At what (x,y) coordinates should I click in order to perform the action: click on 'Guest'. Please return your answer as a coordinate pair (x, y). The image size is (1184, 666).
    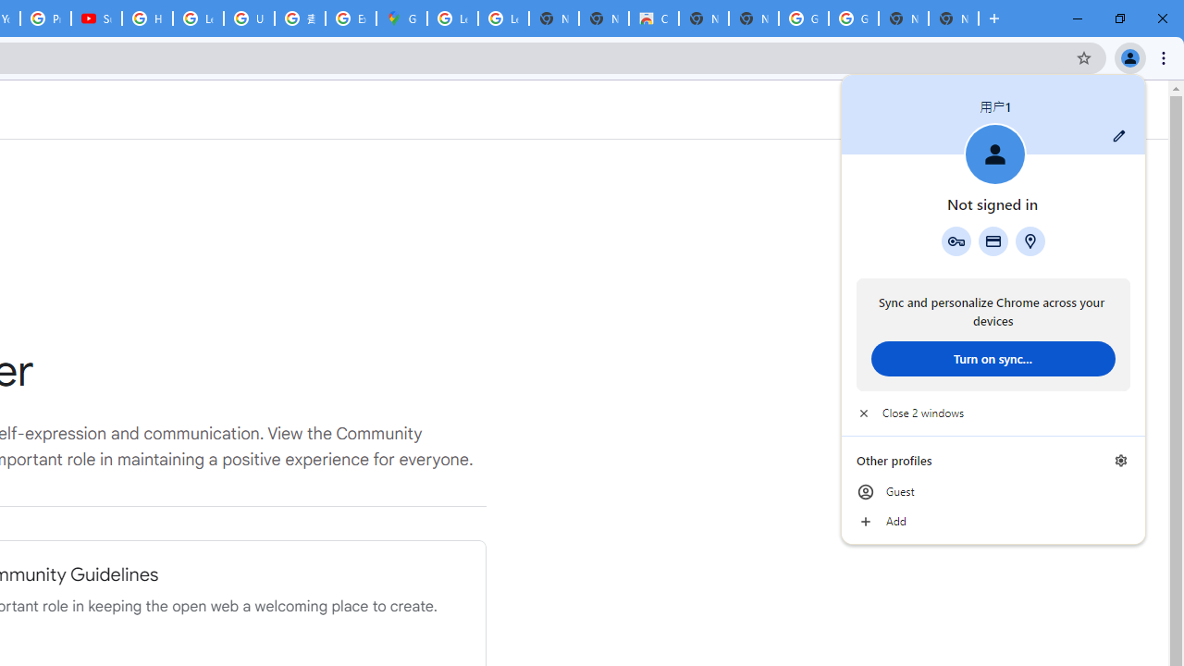
    Looking at the image, I should click on (992, 491).